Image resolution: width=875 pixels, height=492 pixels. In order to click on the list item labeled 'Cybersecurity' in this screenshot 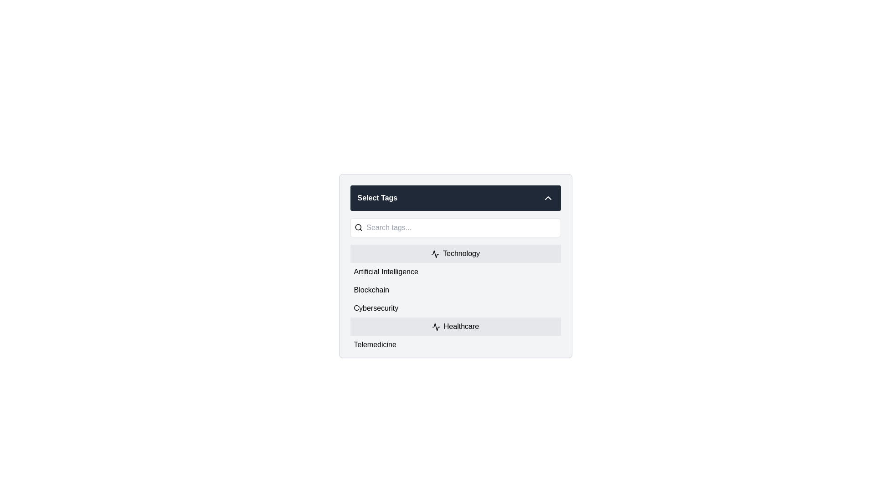, I will do `click(455, 308)`.